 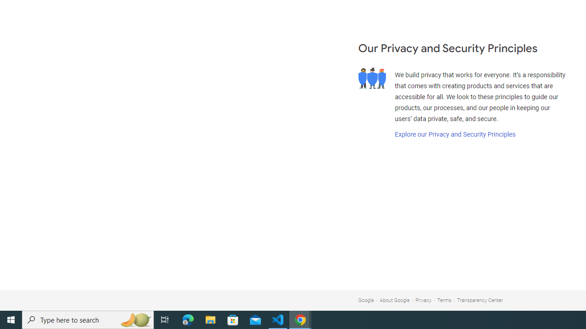 What do you see at coordinates (444, 300) in the screenshot?
I see `'Terms'` at bounding box center [444, 300].